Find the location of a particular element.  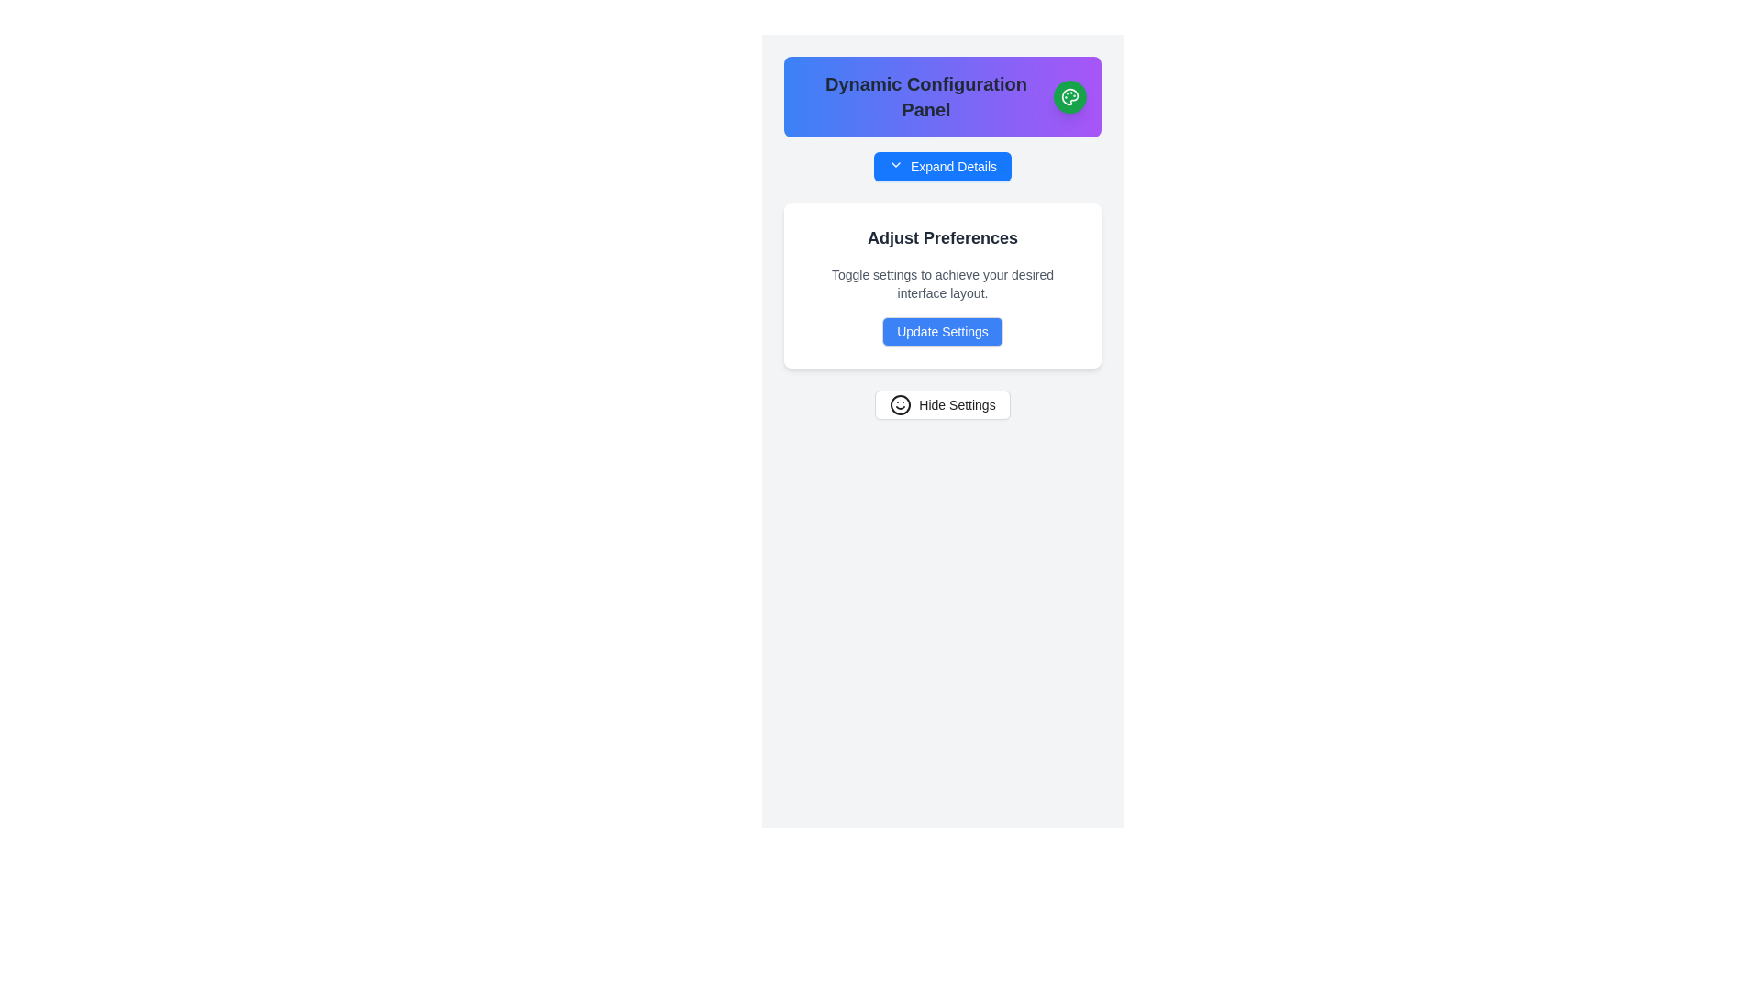

title and description of the text card located within the 'Dynamic Configuration Panel', positioned below the 'Expand Details' button and above the 'Hide Settings' button is located at coordinates (942, 286).